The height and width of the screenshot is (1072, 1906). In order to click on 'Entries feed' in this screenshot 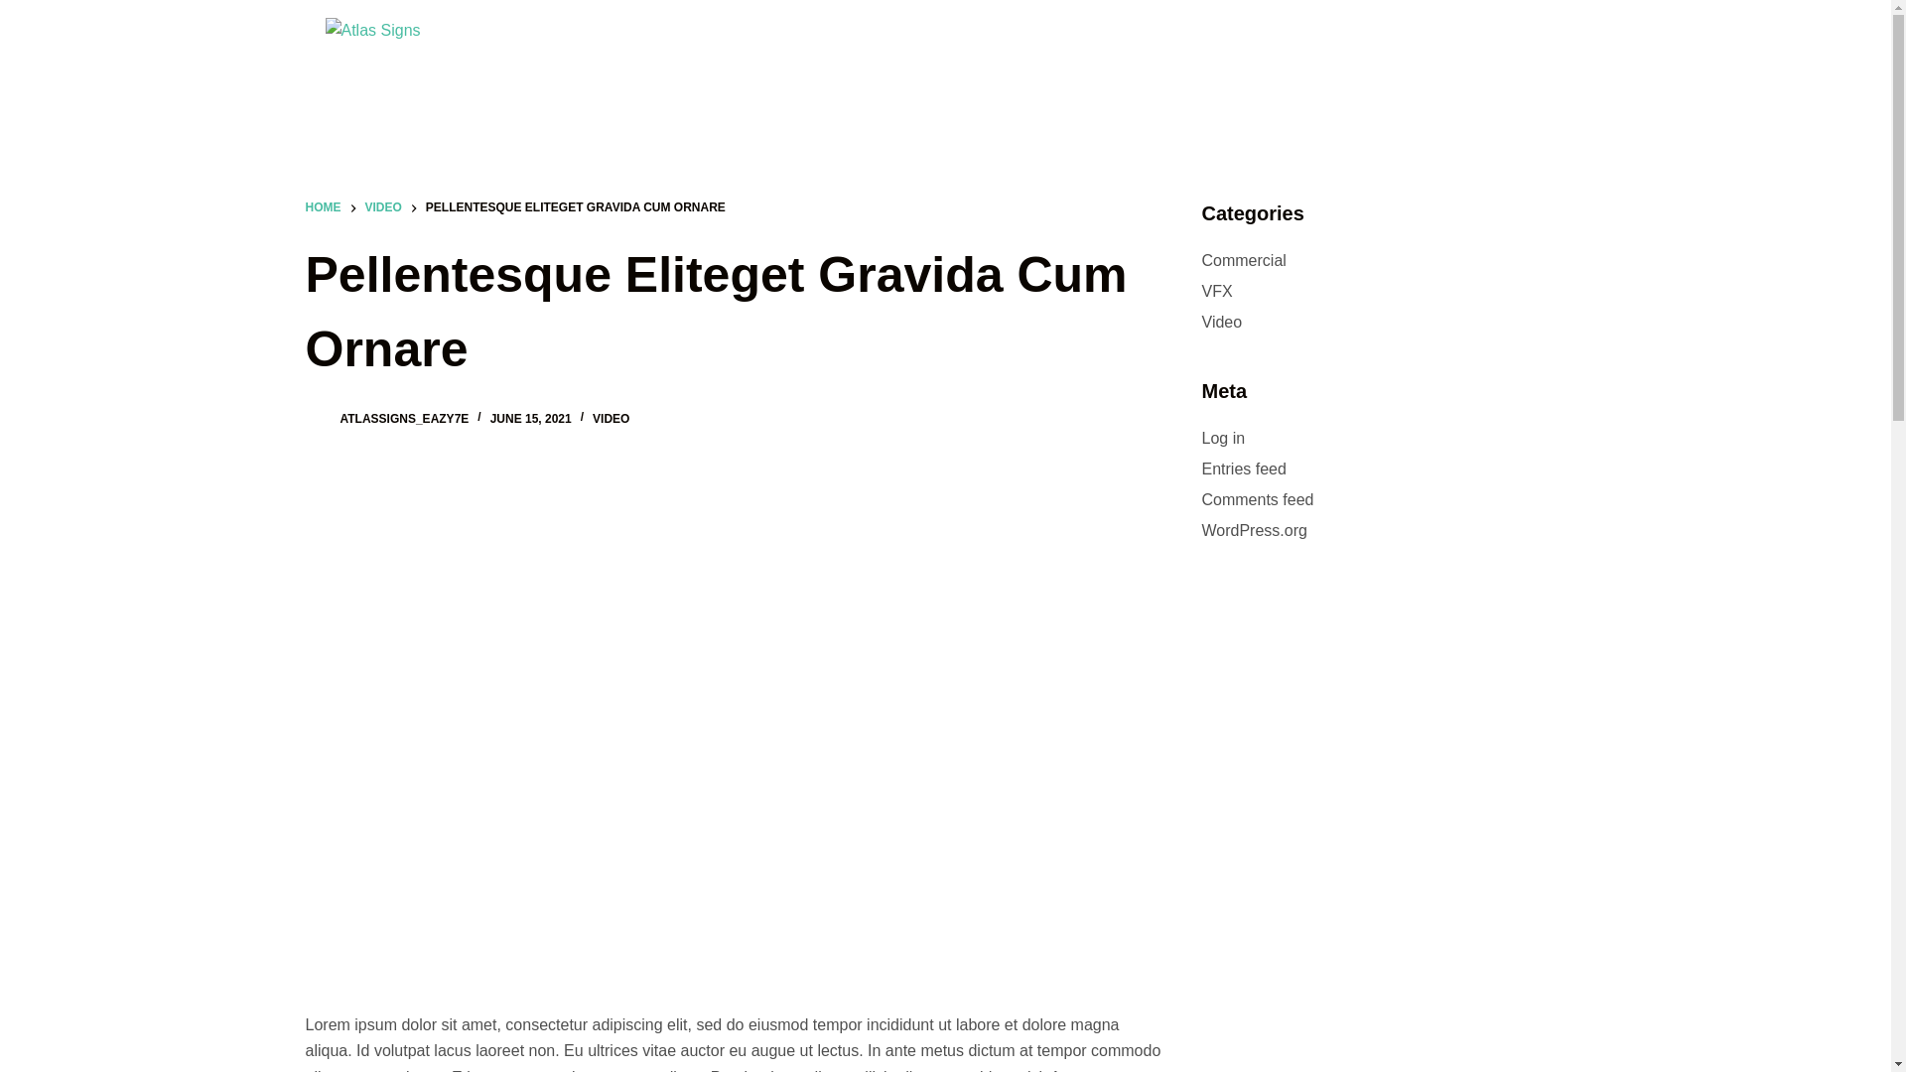, I will do `click(1242, 469)`.